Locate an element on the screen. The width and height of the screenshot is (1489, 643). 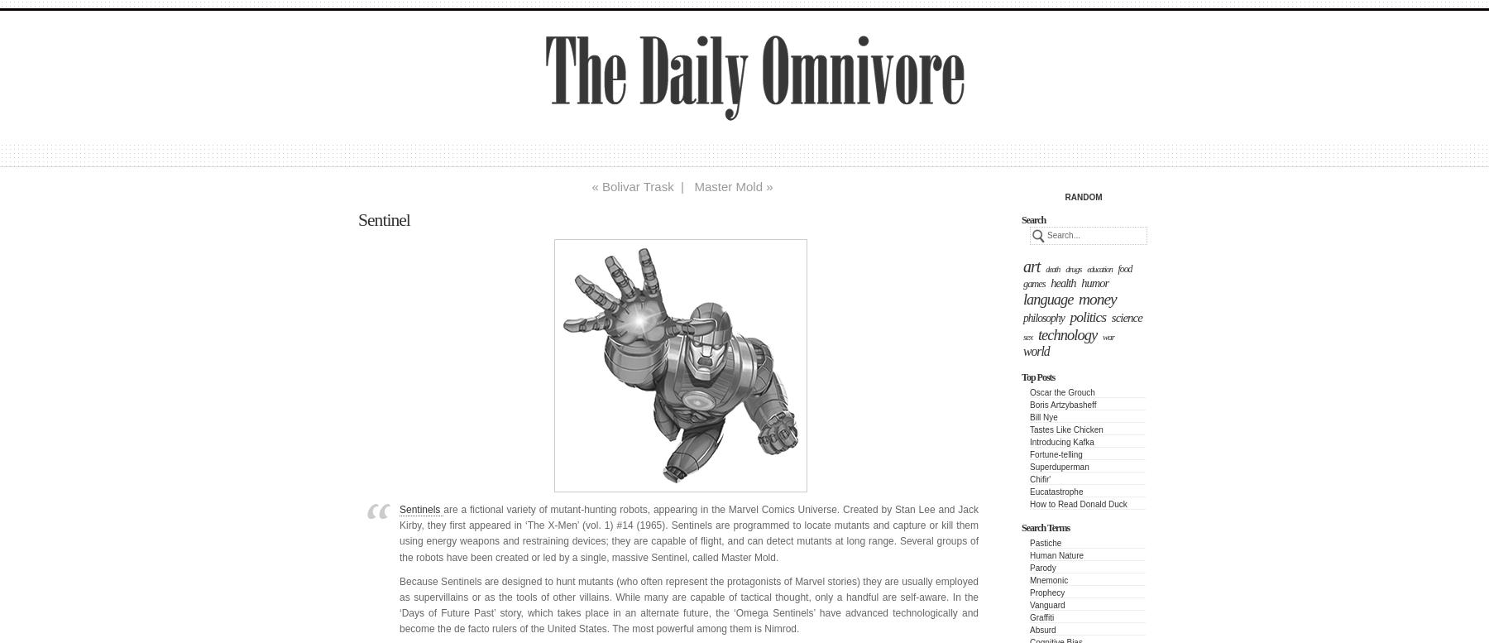
'Absurd' is located at coordinates (1042, 629).